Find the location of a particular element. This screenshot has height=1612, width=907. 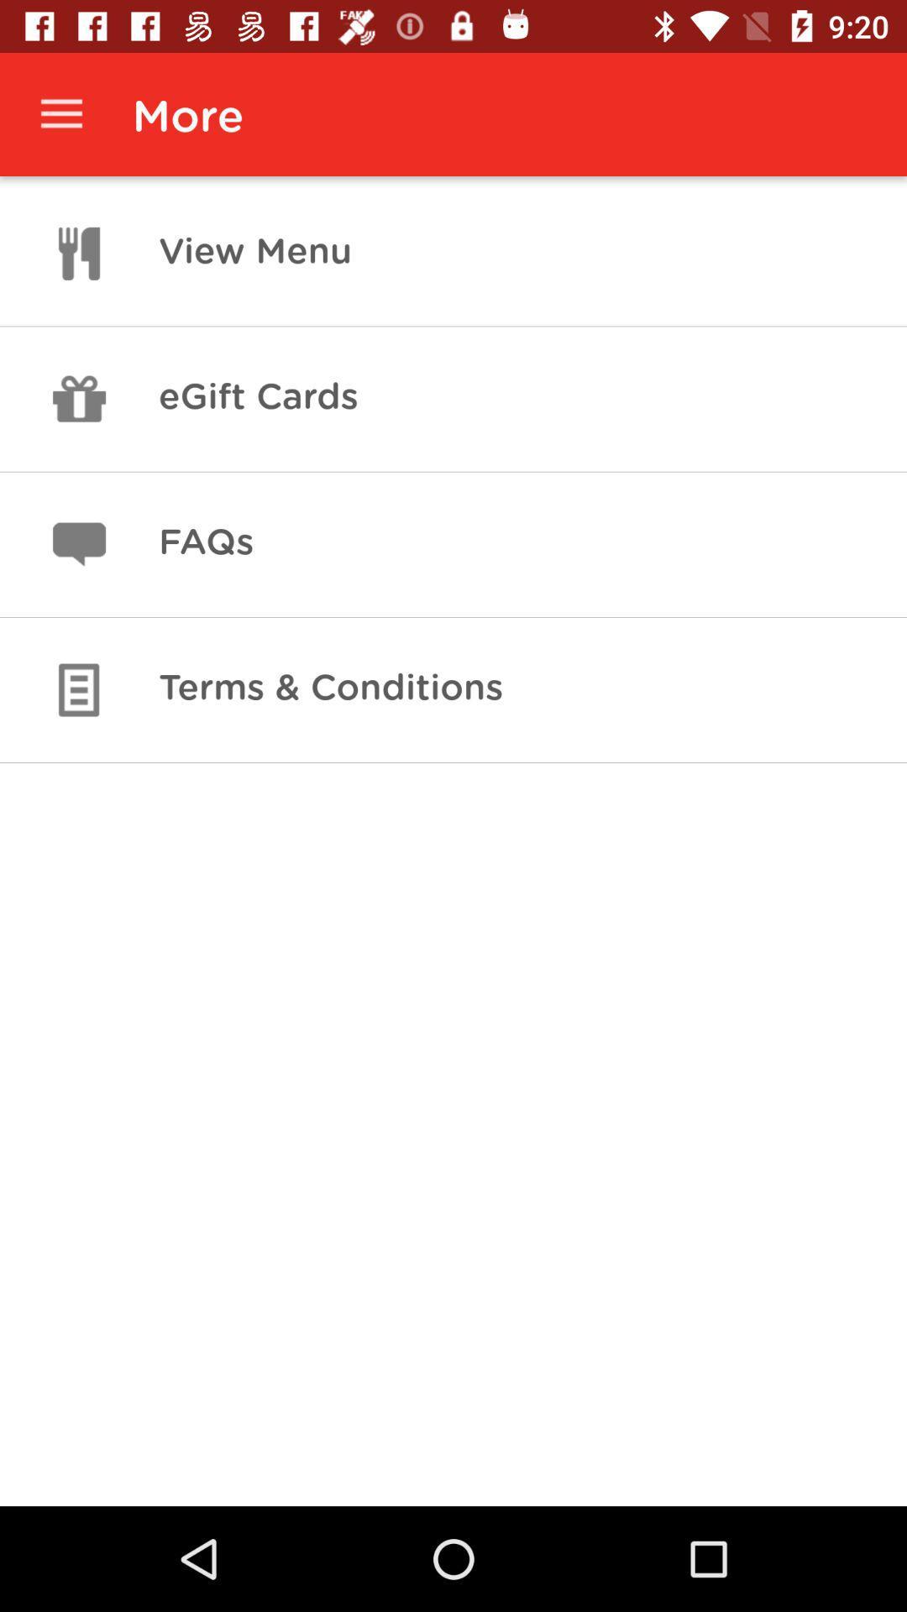

the view menu item is located at coordinates (255, 253).